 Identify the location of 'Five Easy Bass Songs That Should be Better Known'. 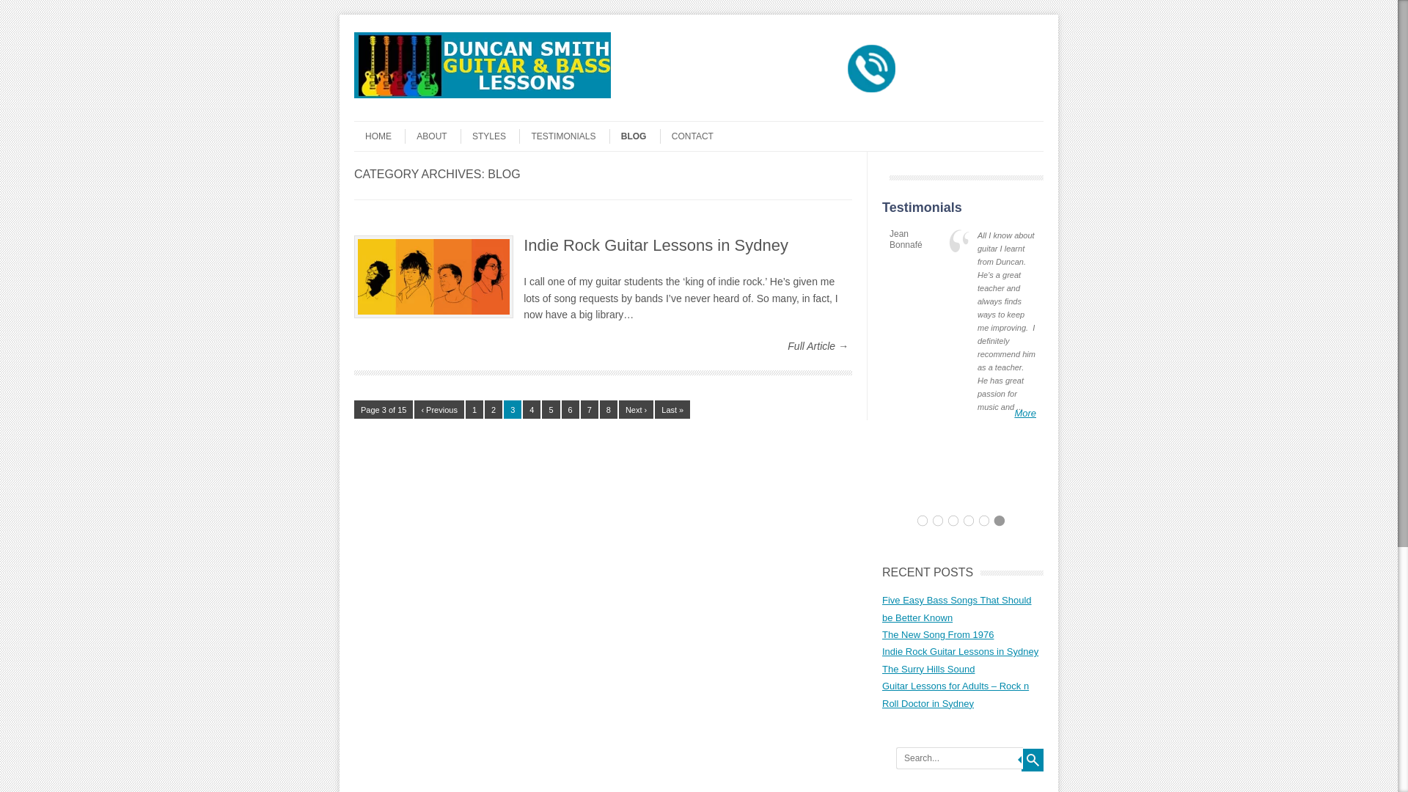
(957, 608).